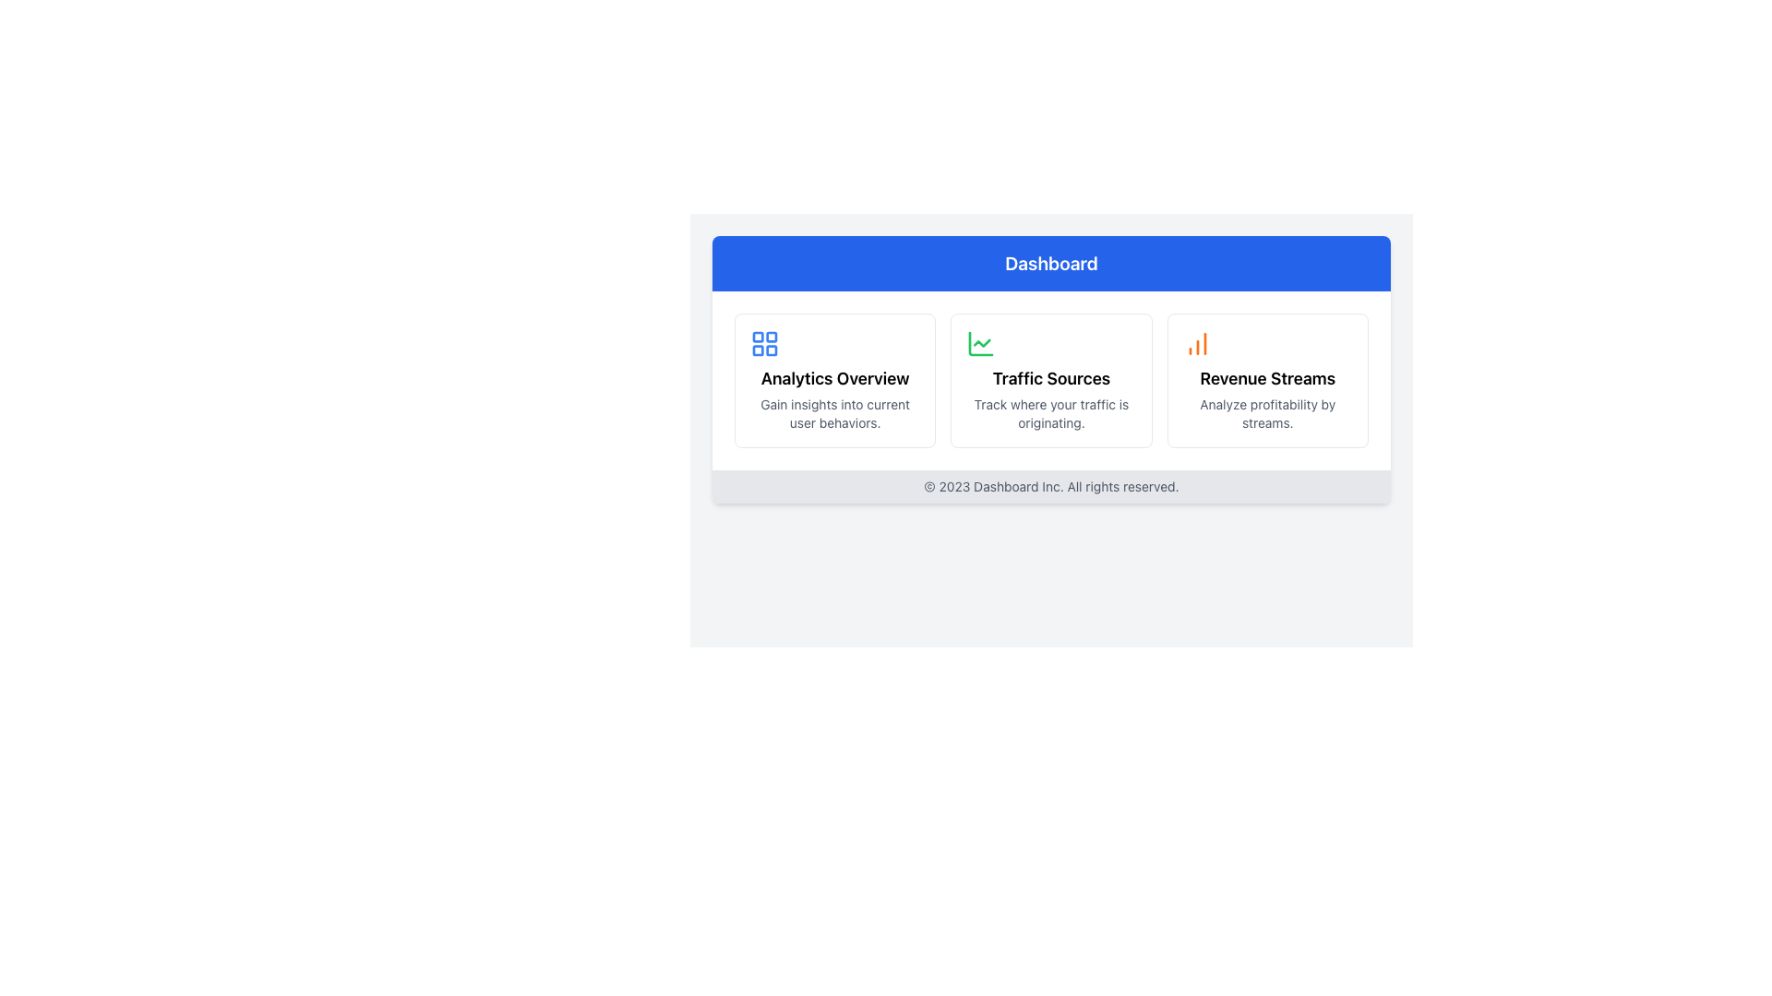 Image resolution: width=1772 pixels, height=996 pixels. Describe the element at coordinates (758, 337) in the screenshot. I see `the top-left box of the 2x2 grid icon in the dashboard layout, which is a small, square-shaped box with rounded corners and a solid fill` at that location.